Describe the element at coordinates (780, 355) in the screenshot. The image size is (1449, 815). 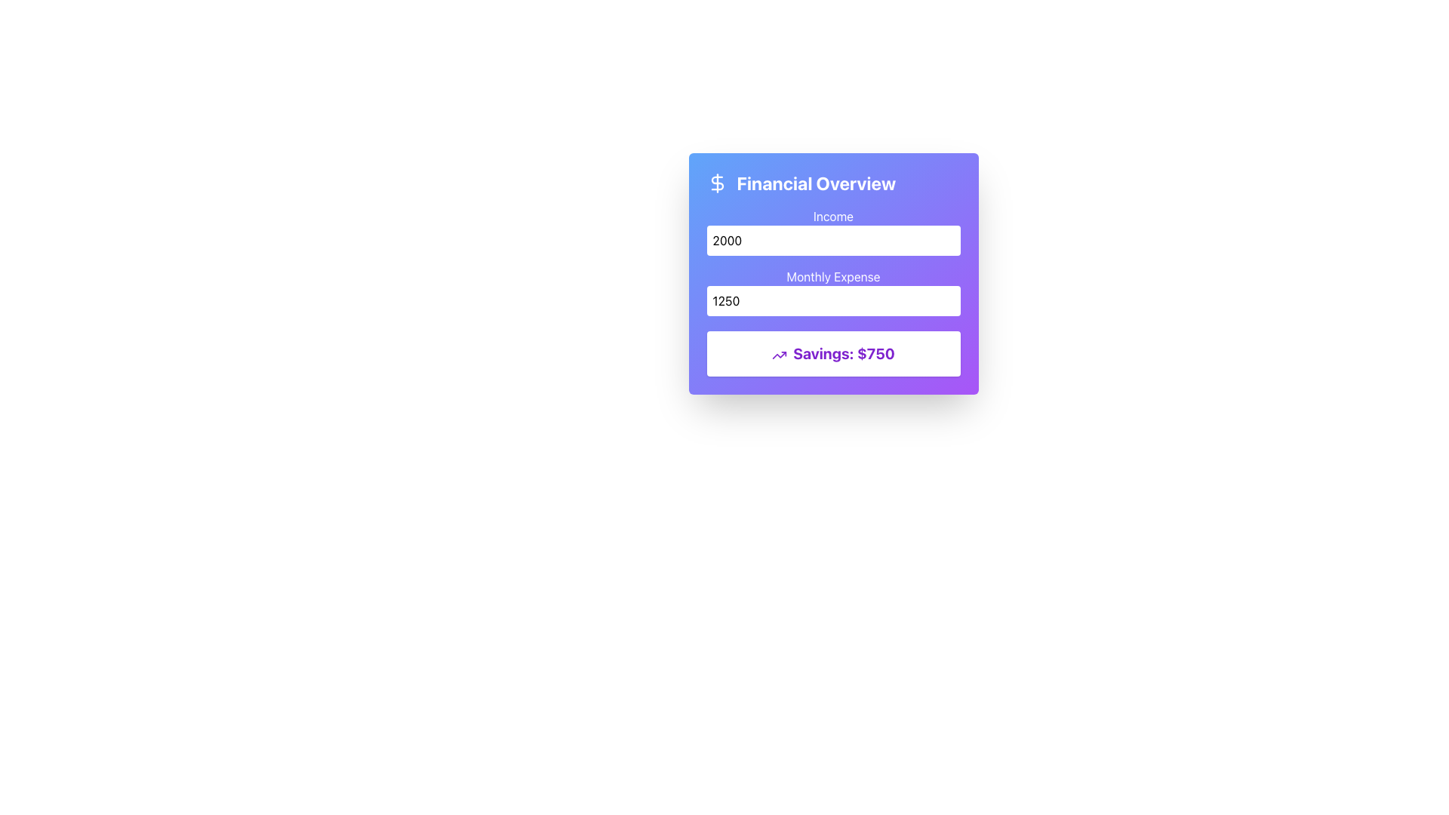
I see `the jagged arrow vector graphic icon indicating upward trend located in the financial overview card near the top-left corner` at that location.